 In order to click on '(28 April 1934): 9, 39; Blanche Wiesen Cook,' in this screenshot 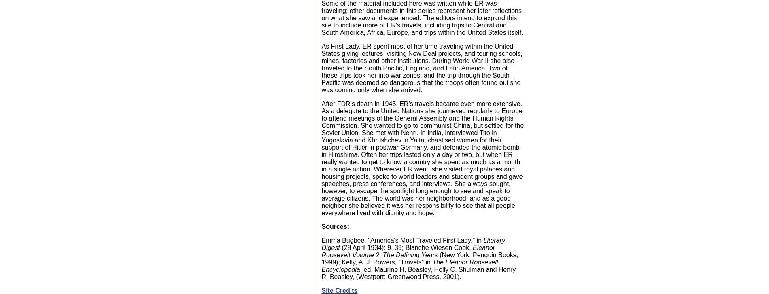, I will do `click(407, 247)`.